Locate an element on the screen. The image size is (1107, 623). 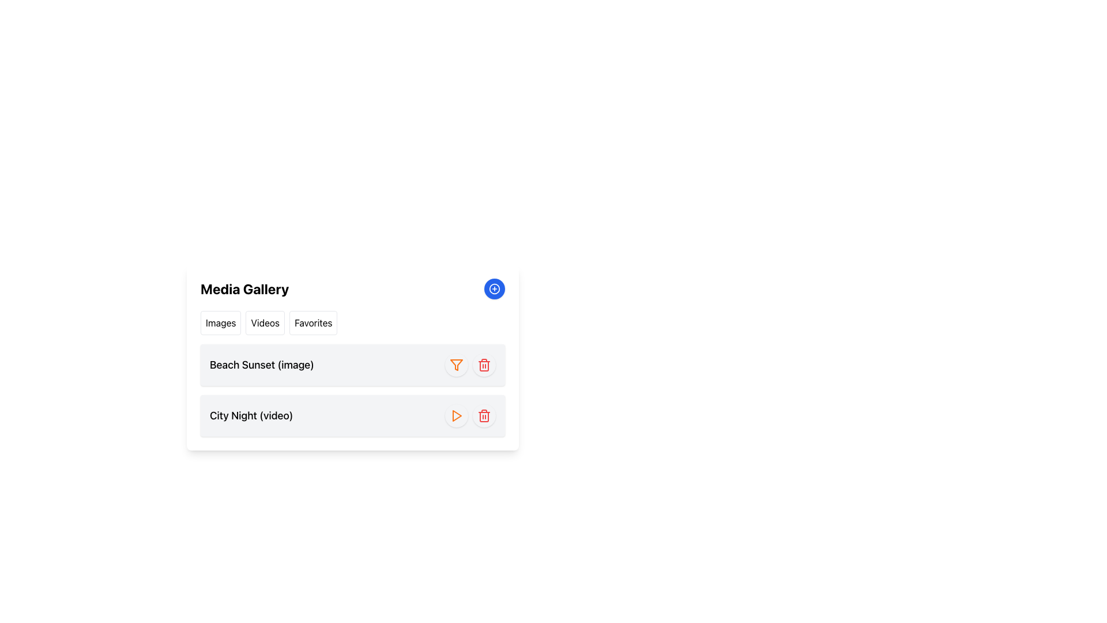
the 'Images' button, the first button is located at coordinates (221, 322).